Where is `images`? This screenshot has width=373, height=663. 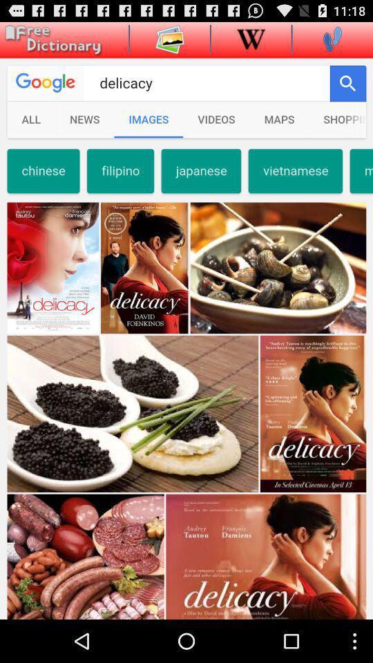 images is located at coordinates (170, 38).